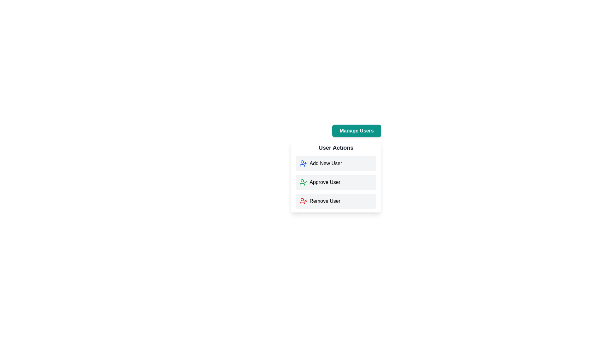 This screenshot has width=604, height=339. Describe the element at coordinates (303, 182) in the screenshot. I see `approval icon located in the second row of the 'User Actions' panel, which is positioned to the left of the 'Approve User' text label` at that location.